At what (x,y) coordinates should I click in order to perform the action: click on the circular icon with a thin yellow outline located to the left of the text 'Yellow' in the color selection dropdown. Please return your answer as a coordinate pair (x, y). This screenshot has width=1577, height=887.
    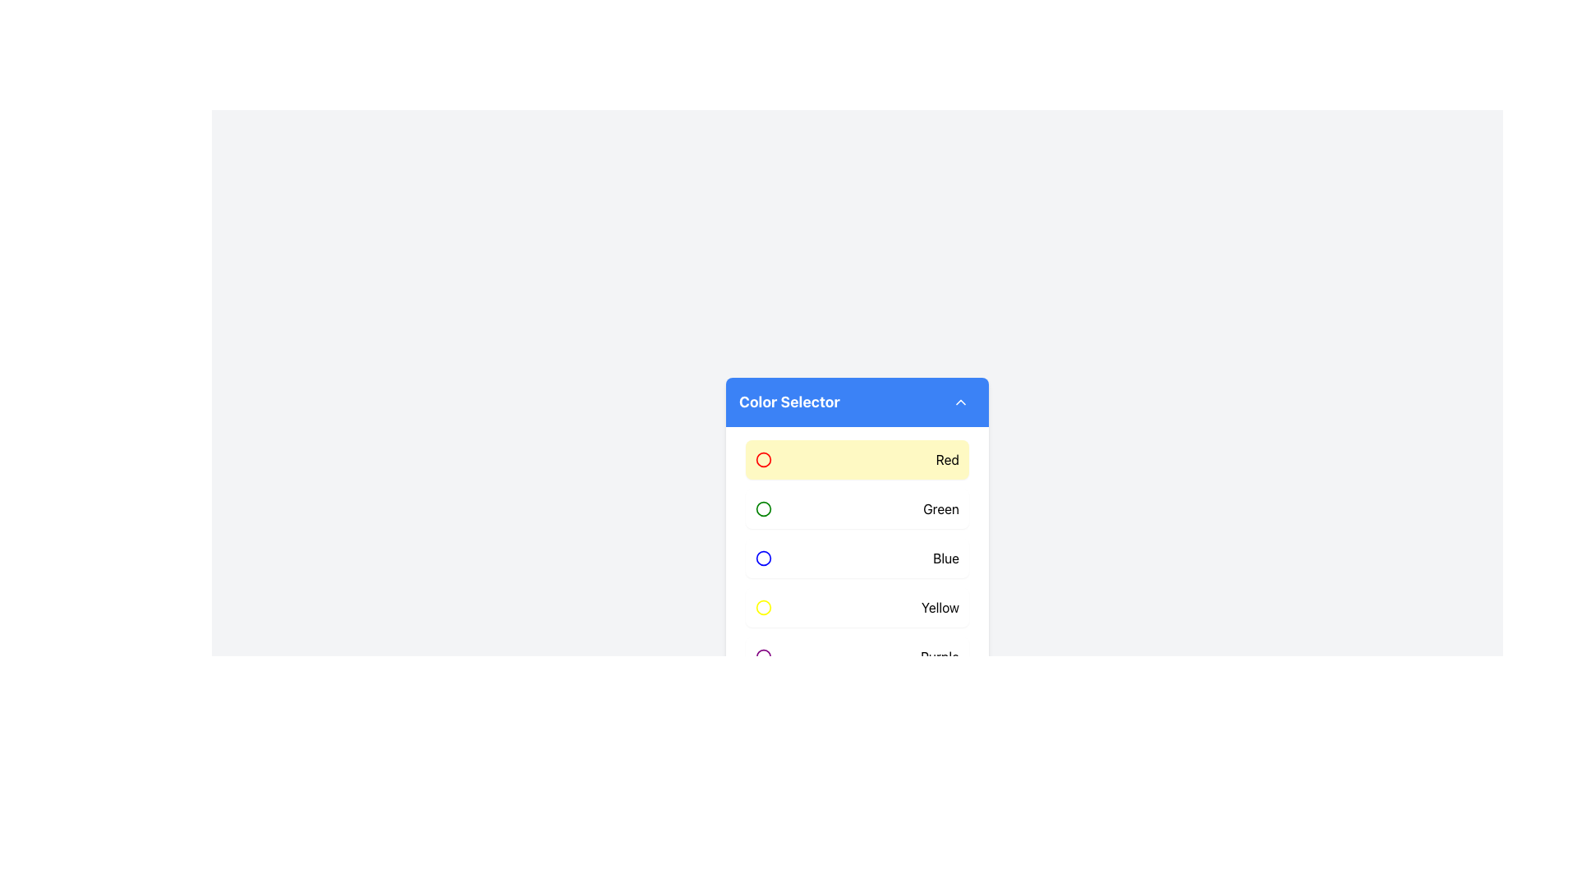
    Looking at the image, I should click on (763, 608).